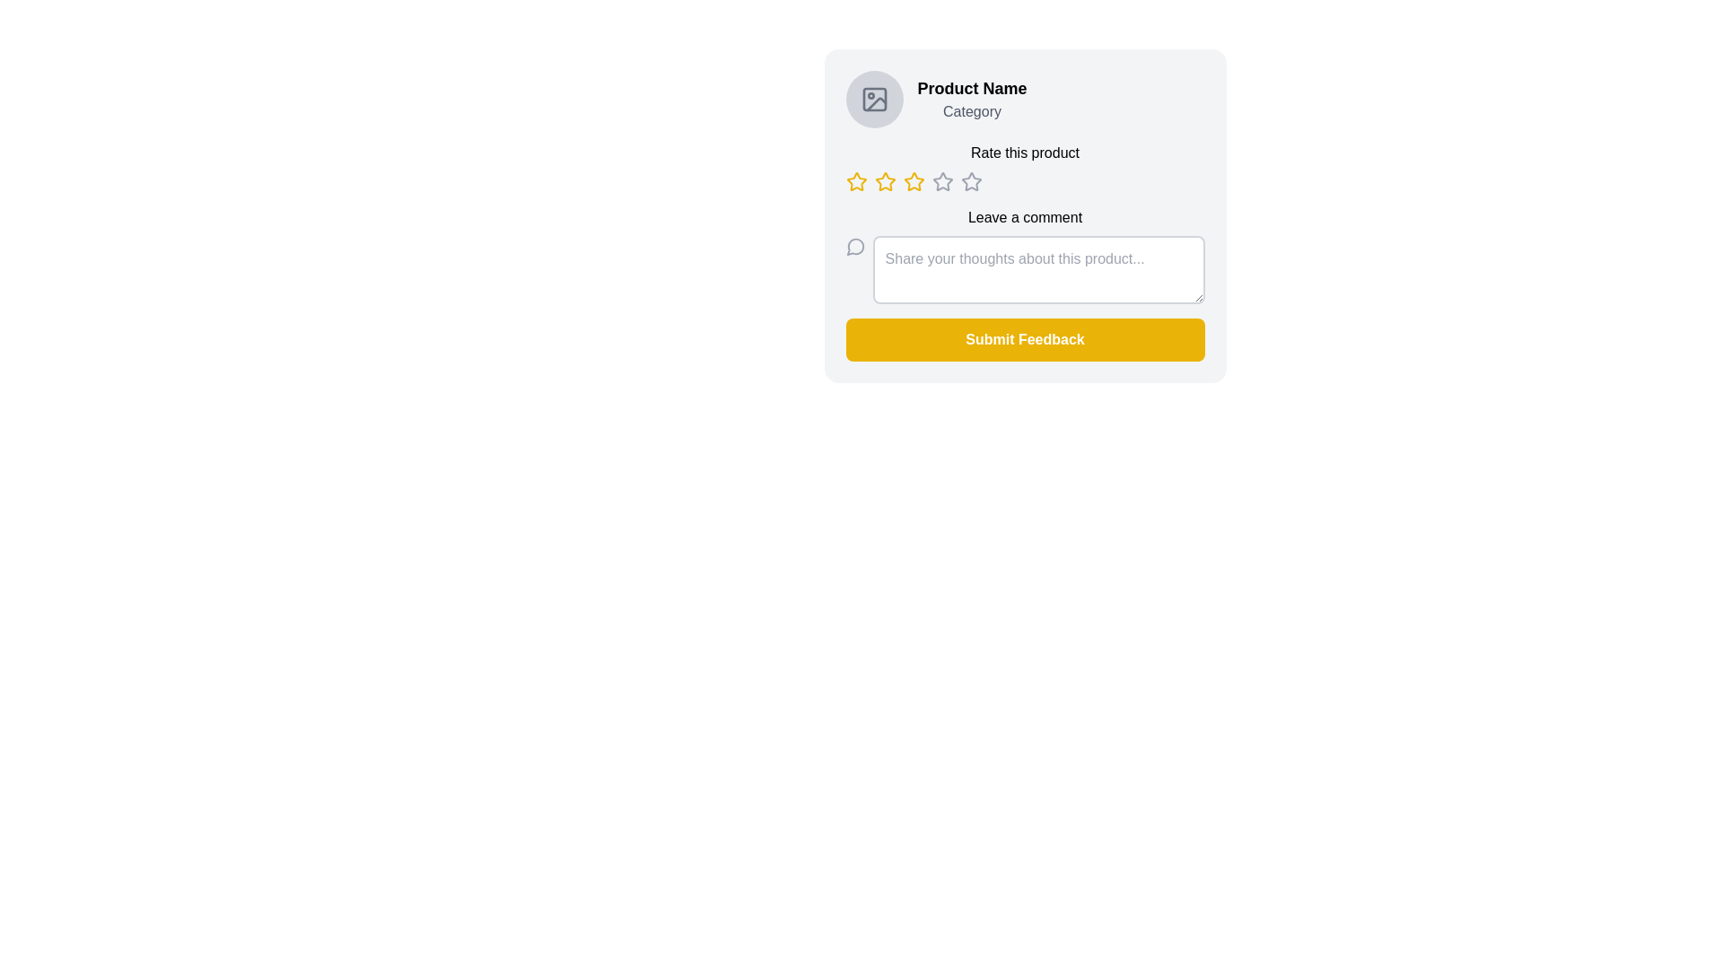 This screenshot has height=969, width=1723. Describe the element at coordinates (914, 181) in the screenshot. I see `the third star rating icon, which is a bright yellow star-shaped element representing a rating option` at that location.